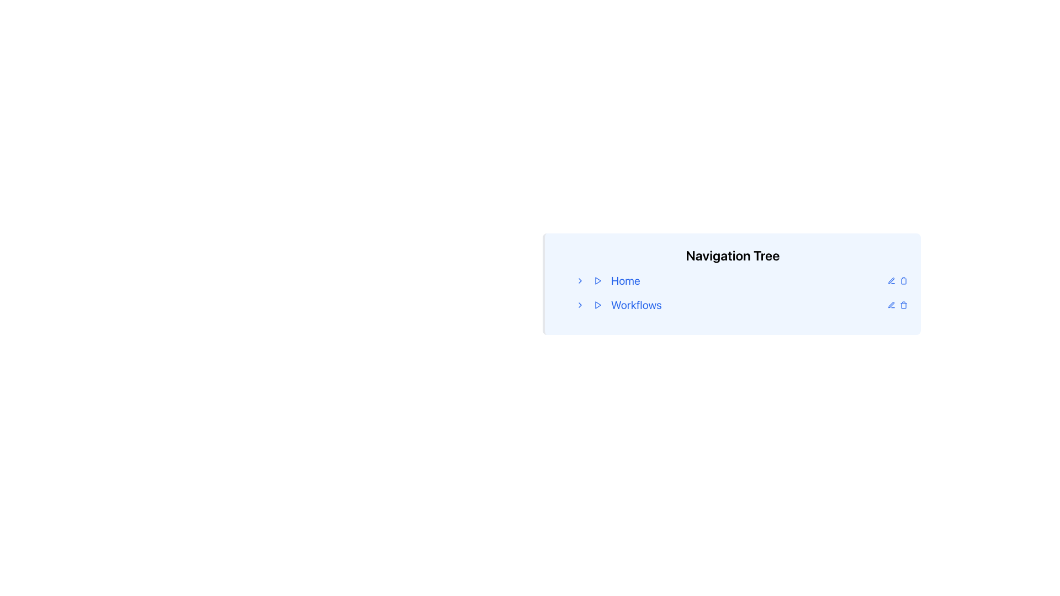 This screenshot has width=1060, height=596. I want to click on the 'Home' text label in the navigation tree, so click(625, 280).